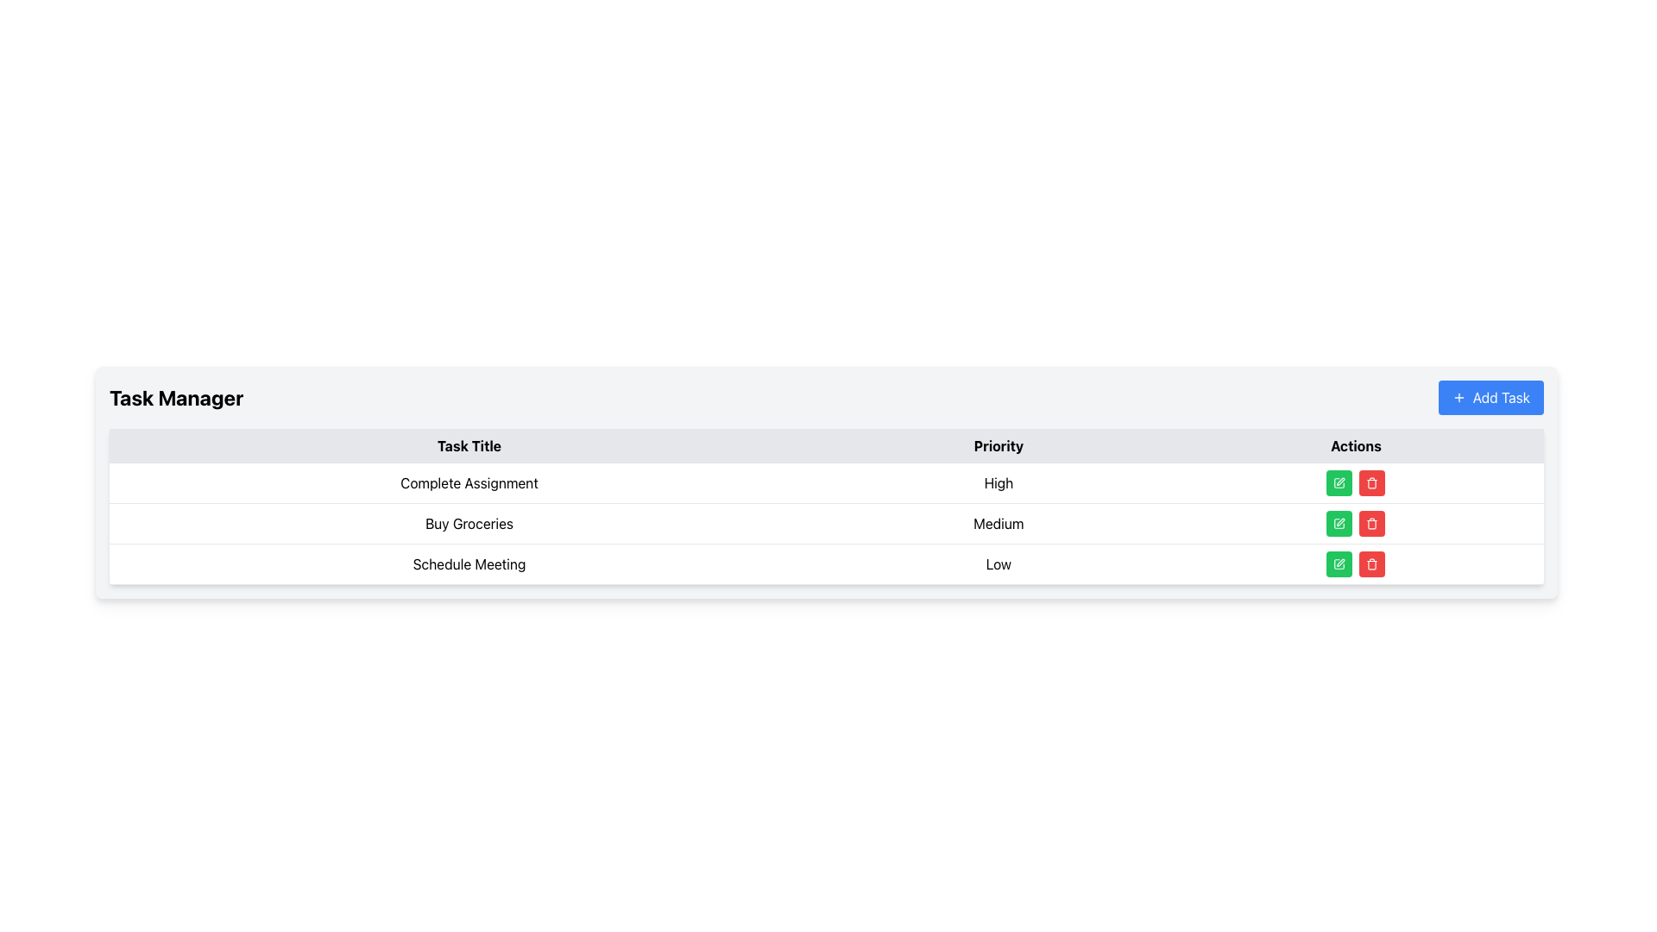 This screenshot has height=932, width=1657. I want to click on the Text label displaying the task title in the first row of the task management table, located under the 'Task Title' column, so click(469, 483).